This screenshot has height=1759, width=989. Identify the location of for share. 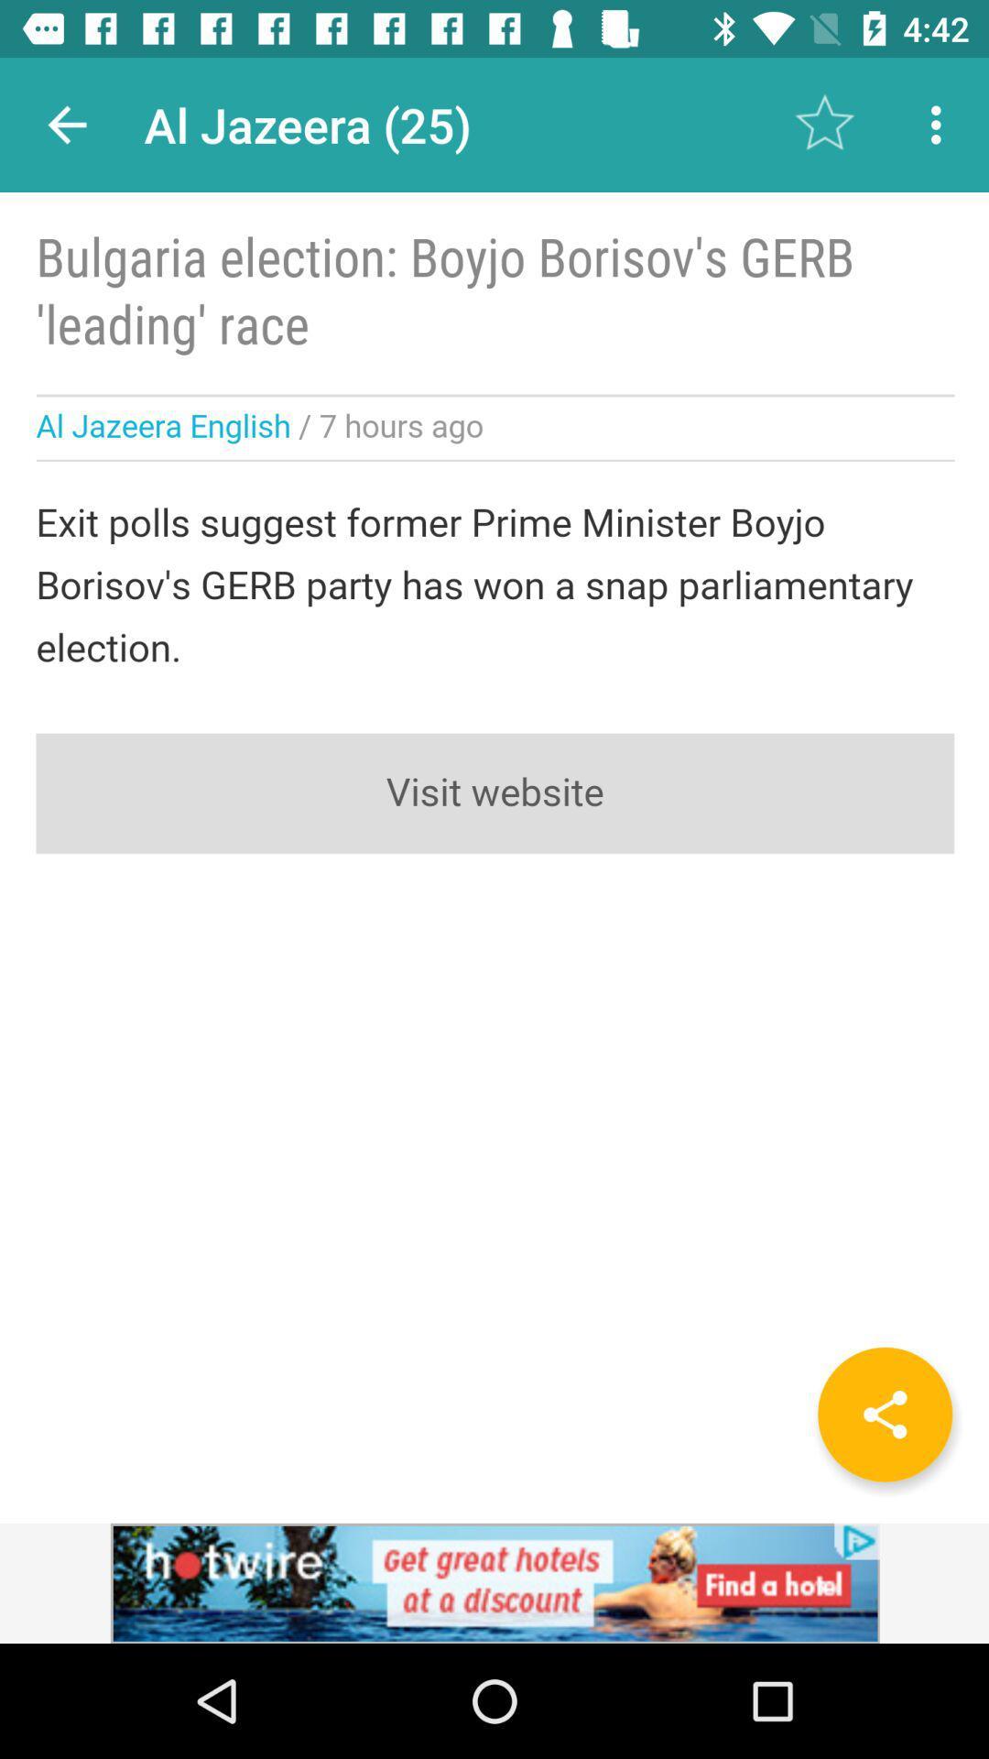
(884, 1414).